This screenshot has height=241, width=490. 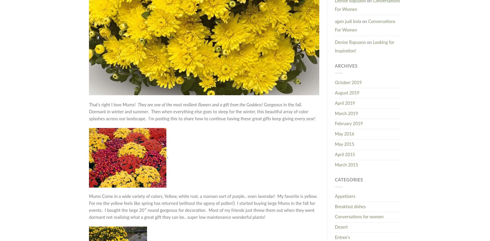 I want to click on 'Gorgeous in the fall.  Dormant in winter and summer.  Then when everything else goes to sleep for the winter, this beautiful array of color splashes across our landscape.  I’m posting this to share how to continue having these great gifts keep giving every year!', so click(x=202, y=111).